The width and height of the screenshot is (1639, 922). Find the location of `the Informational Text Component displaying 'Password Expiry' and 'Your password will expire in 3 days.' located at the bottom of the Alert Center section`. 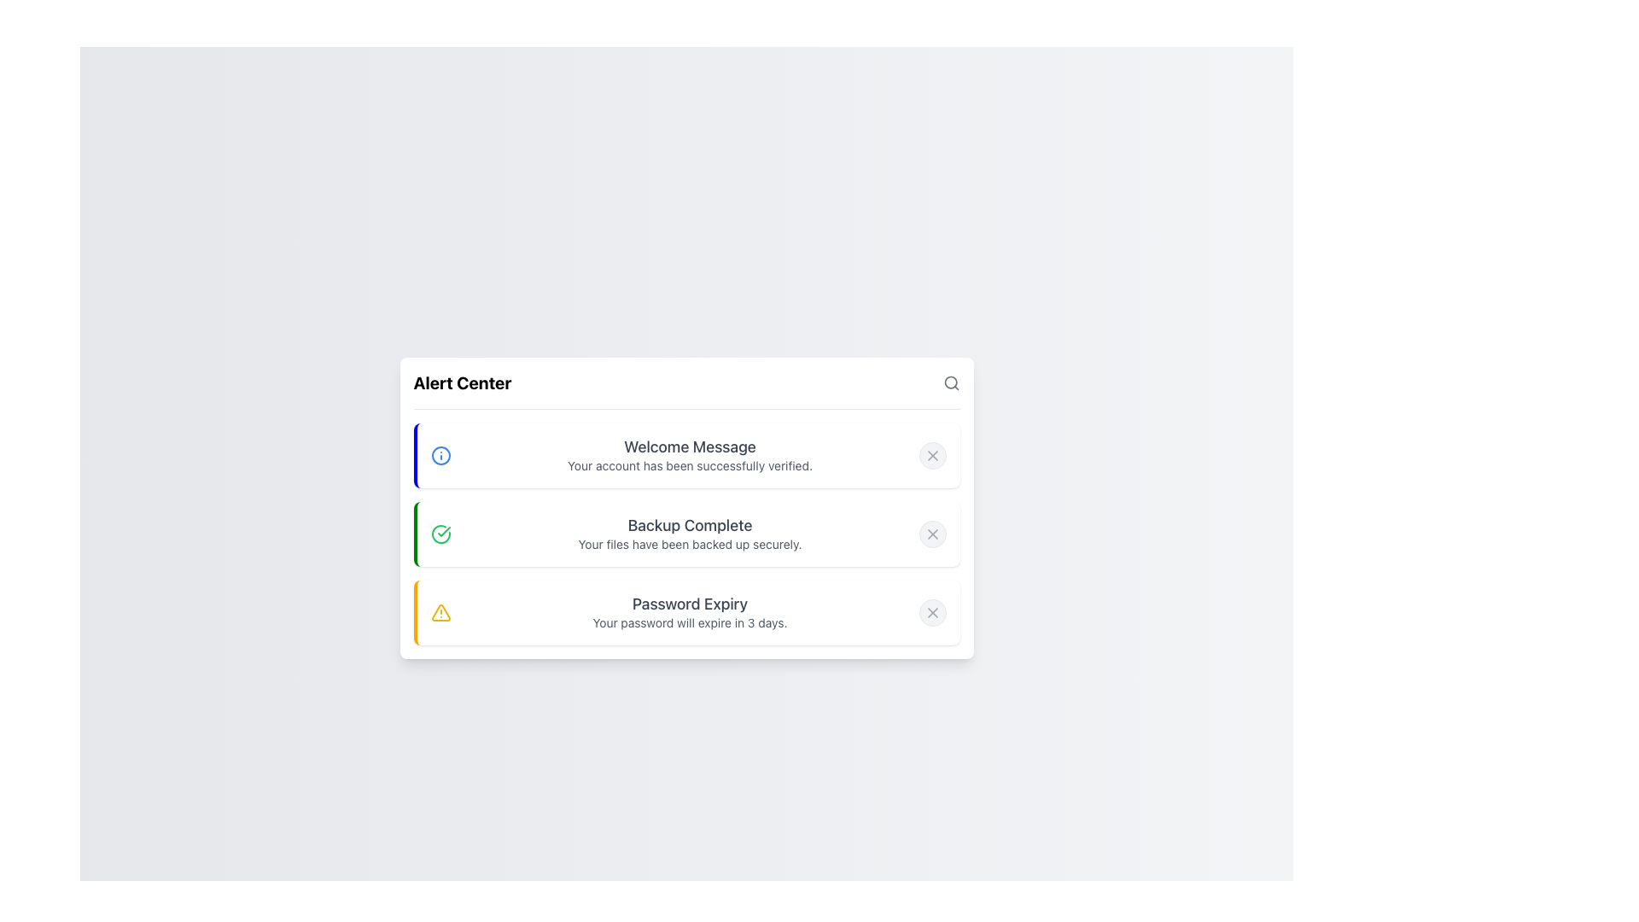

the Informational Text Component displaying 'Password Expiry' and 'Your password will expire in 3 days.' located at the bottom of the Alert Center section is located at coordinates (690, 611).